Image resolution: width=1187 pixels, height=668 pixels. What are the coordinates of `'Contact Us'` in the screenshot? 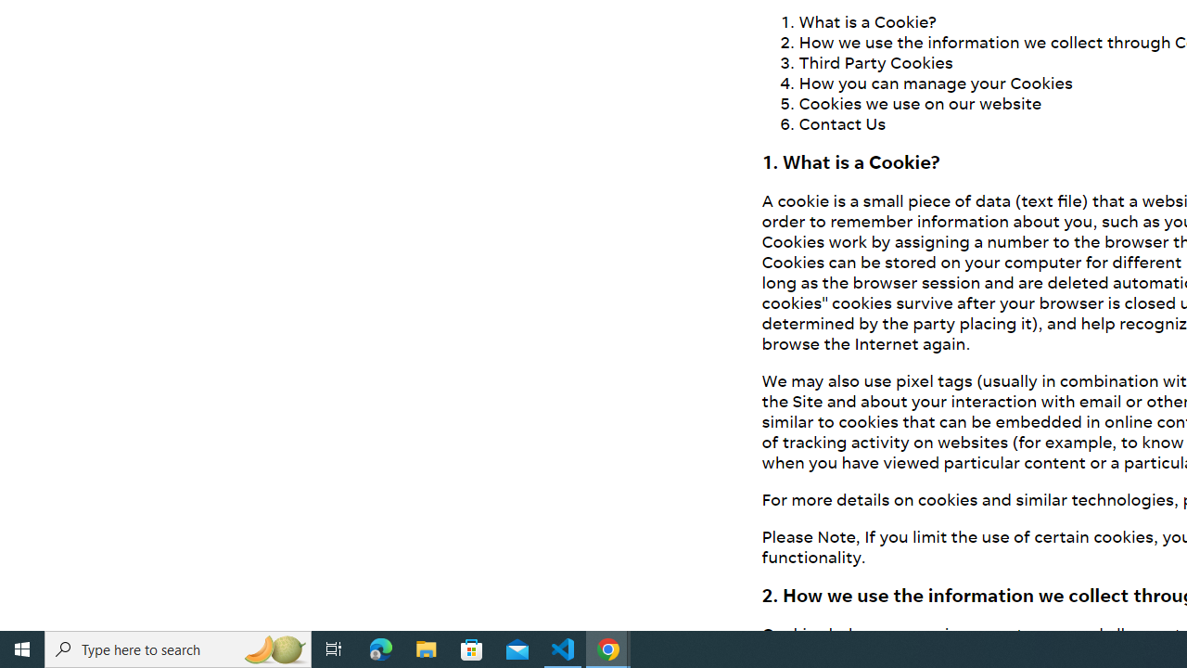 It's located at (841, 122).